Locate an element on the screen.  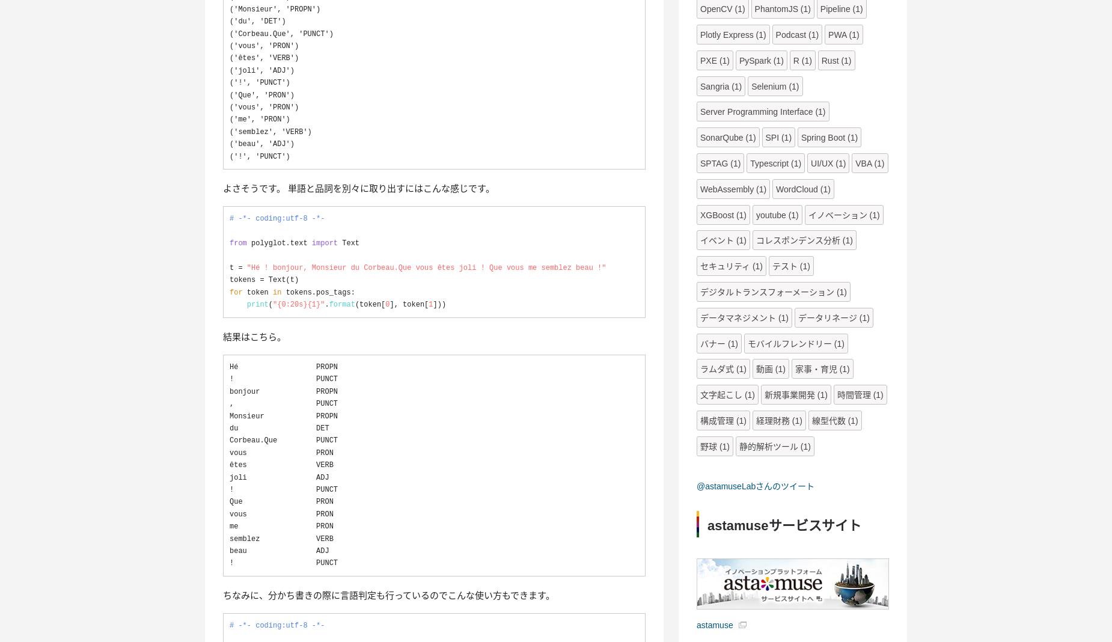
'@astamuseLabさんのツイート' is located at coordinates (755, 485).